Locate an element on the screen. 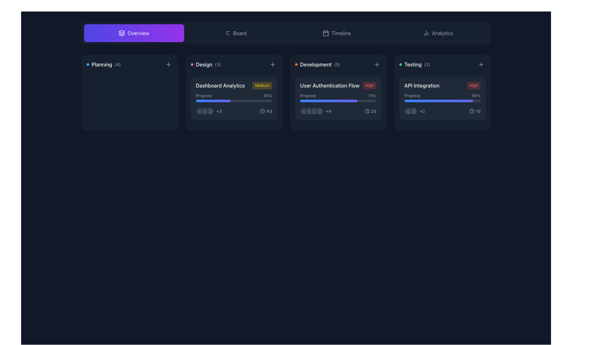 The image size is (614, 345). the static text label displaying the word 'Testing', which is styled in bold sans-serif font and located between a green circular icon and the number '(2)' in gray within the 'API Integration' card is located at coordinates (413, 64).